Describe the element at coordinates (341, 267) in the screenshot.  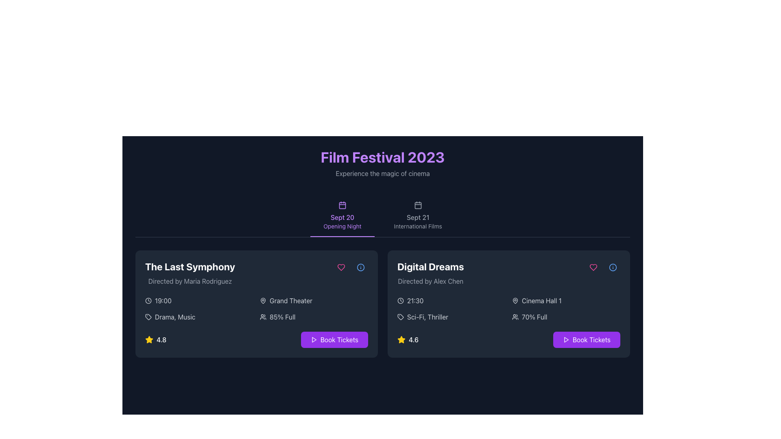
I see `the favorite button located in the top-right corner of the 'The Last Symphony' film card to mark it as a favorite` at that location.